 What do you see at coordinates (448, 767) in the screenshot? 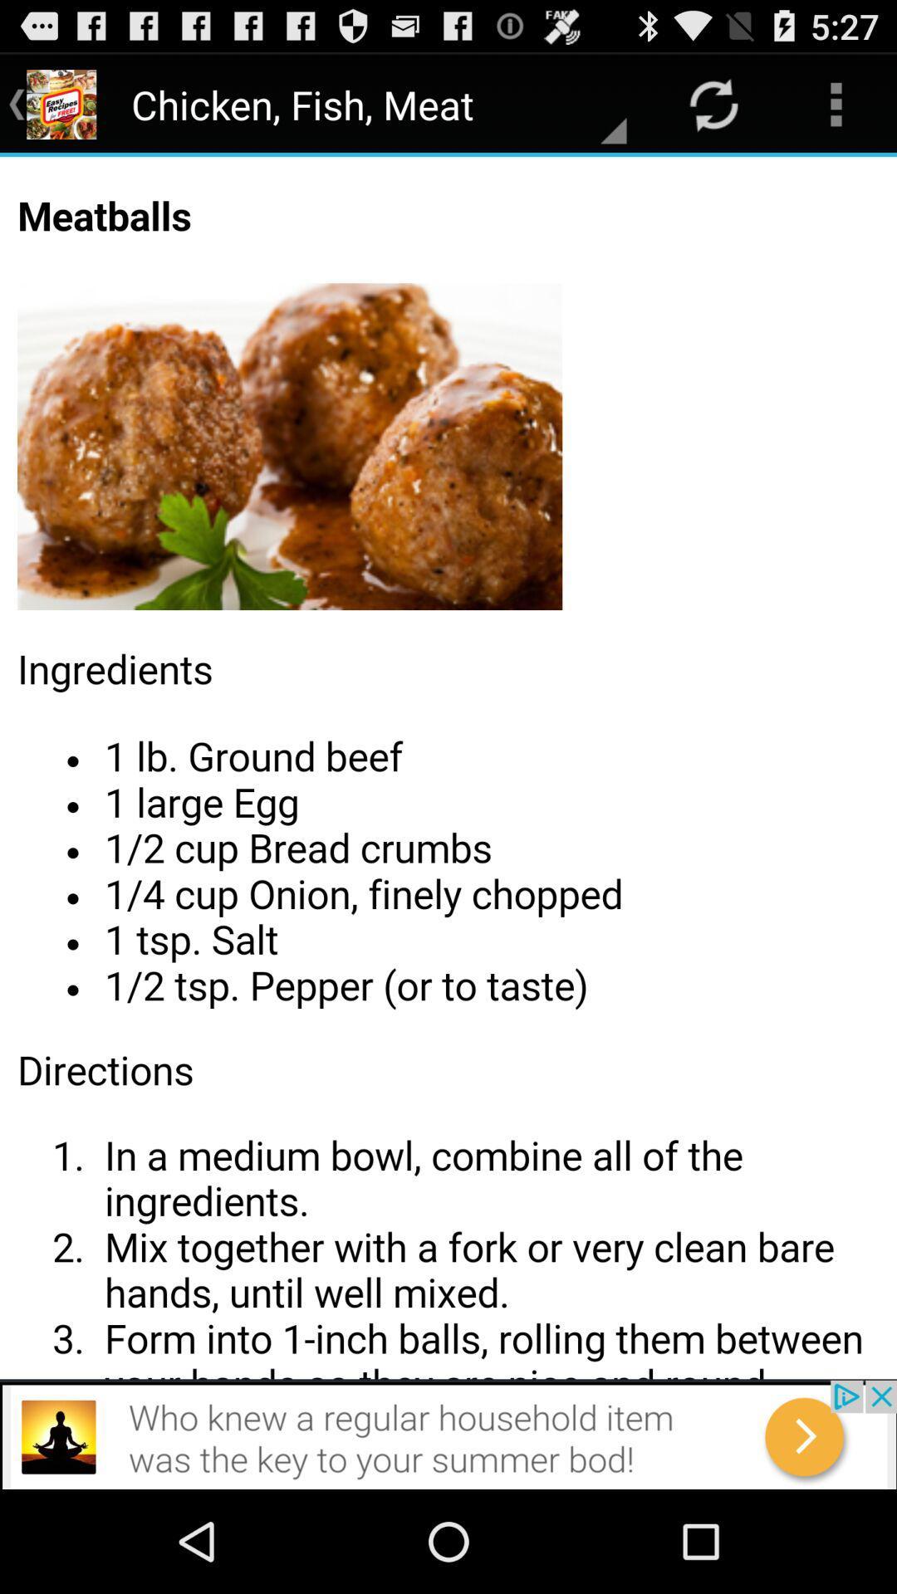
I see `share the article` at bounding box center [448, 767].